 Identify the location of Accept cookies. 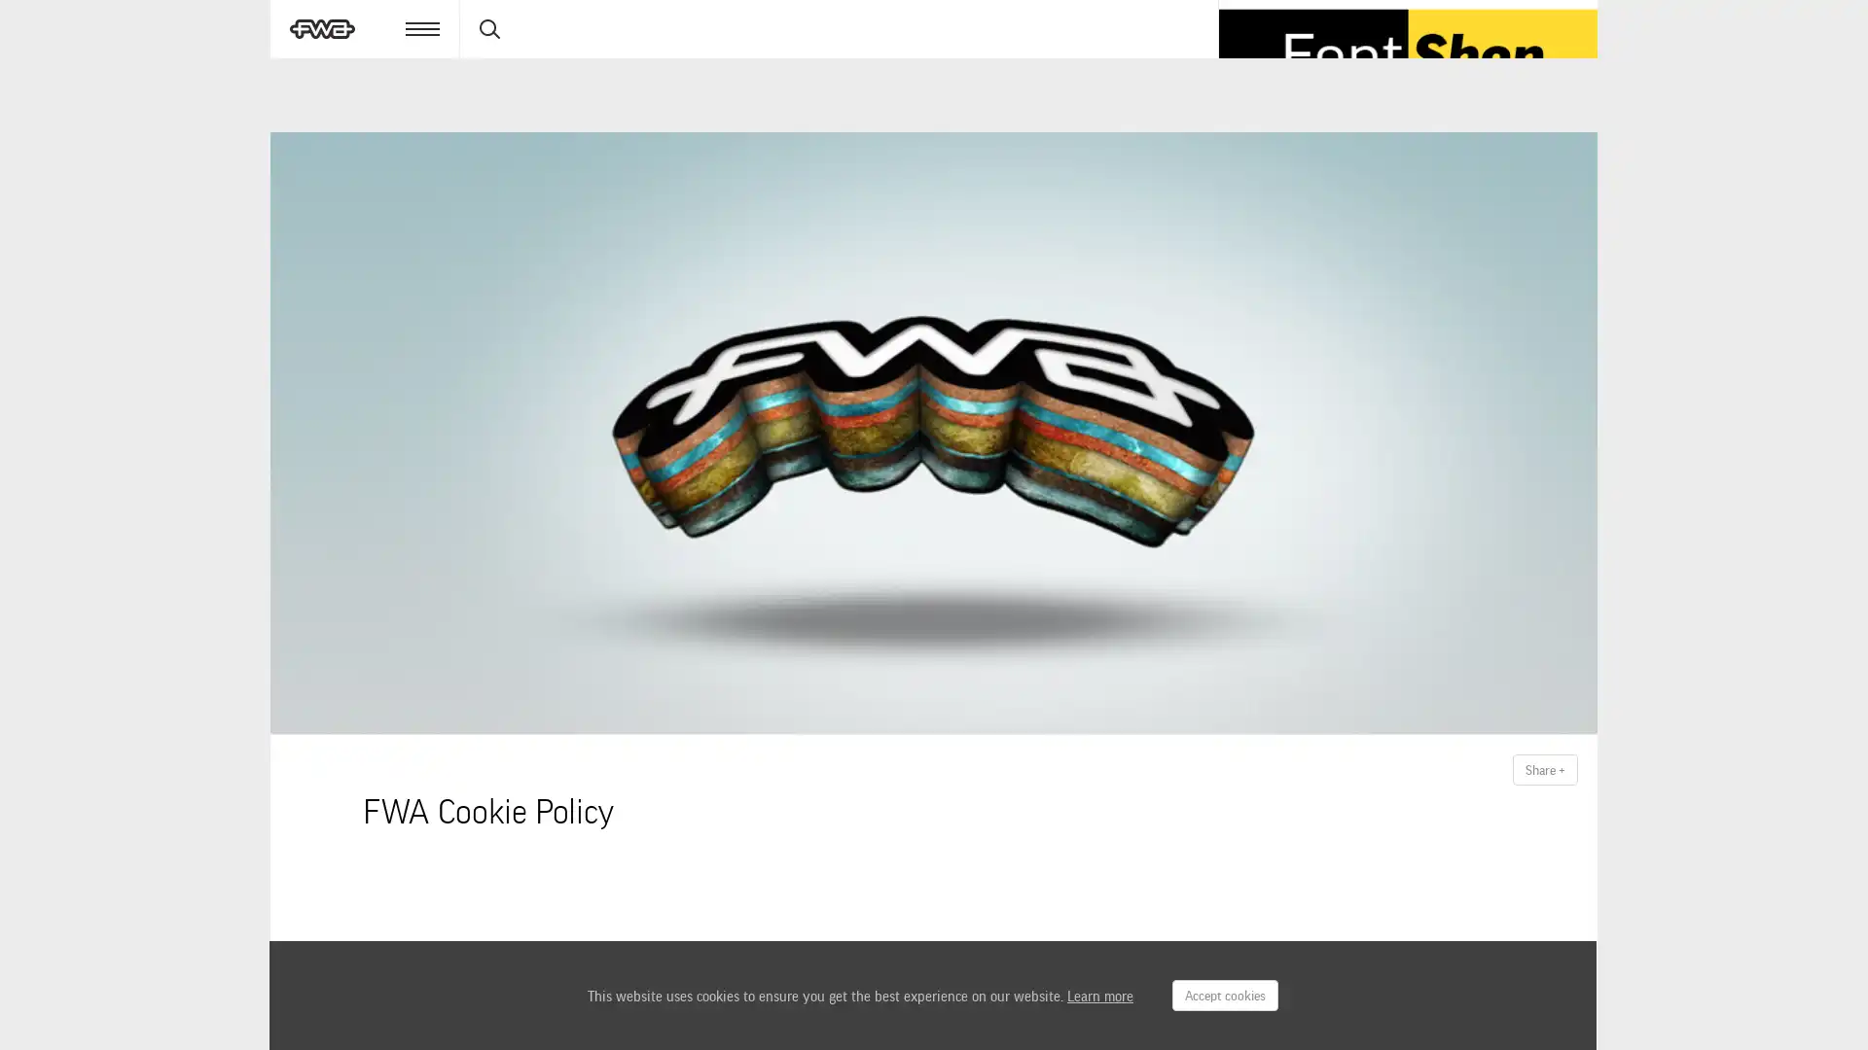
(1224, 995).